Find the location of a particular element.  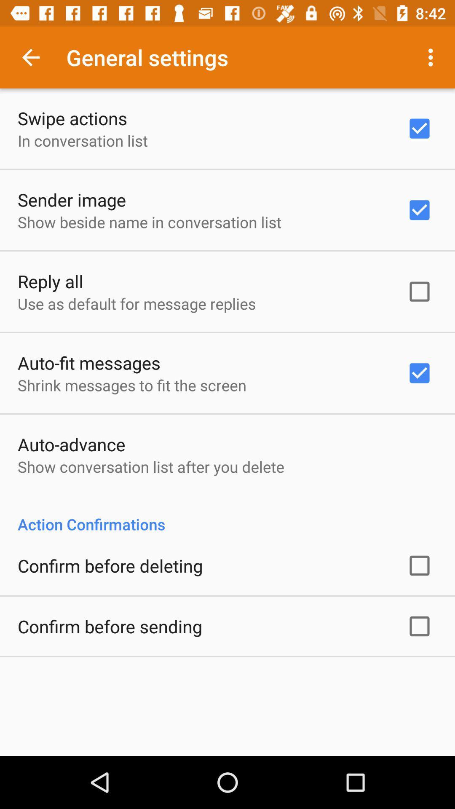

the icon below the shrink messages to item is located at coordinates (71, 444).